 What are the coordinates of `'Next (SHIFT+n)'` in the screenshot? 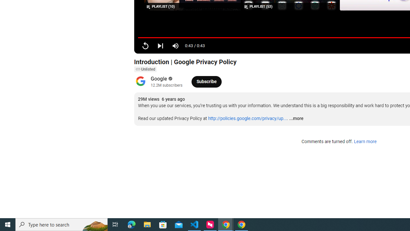 It's located at (160, 45).